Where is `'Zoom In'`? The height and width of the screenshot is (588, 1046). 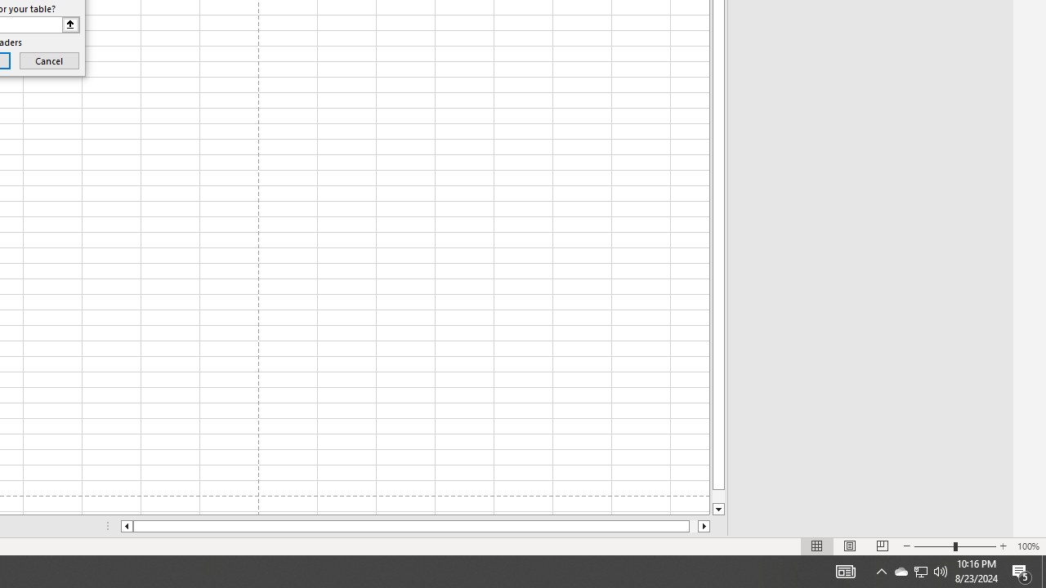 'Zoom In' is located at coordinates (1002, 546).